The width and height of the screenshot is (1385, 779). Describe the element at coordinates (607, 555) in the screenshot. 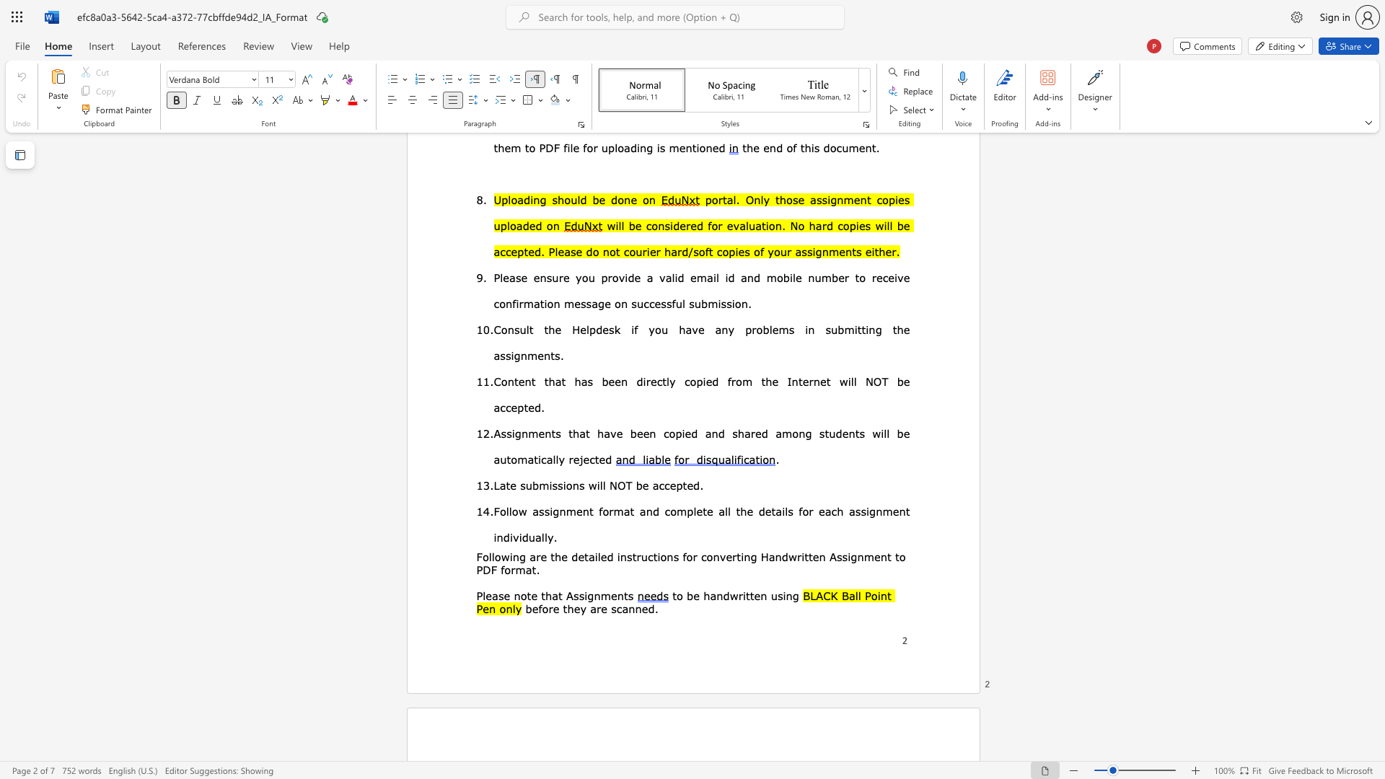

I see `the subset text "d i" within the text "detailed i"` at that location.